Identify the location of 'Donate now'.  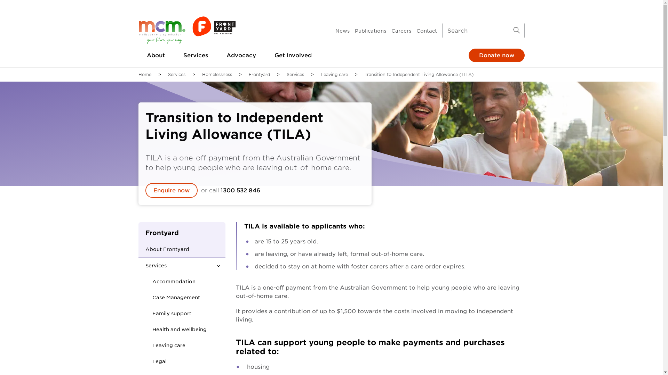
(468, 55).